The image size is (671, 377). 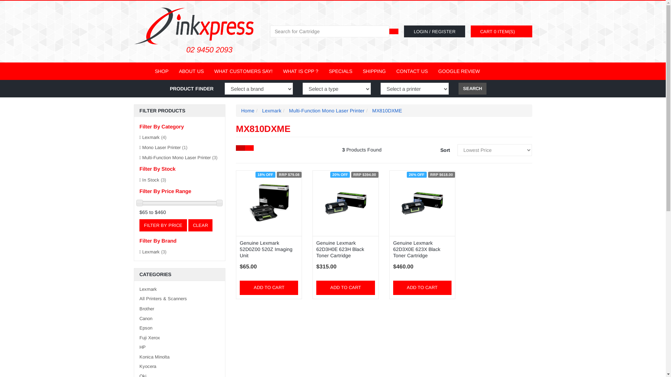 What do you see at coordinates (188, 225) in the screenshot?
I see `'CLEAR'` at bounding box center [188, 225].